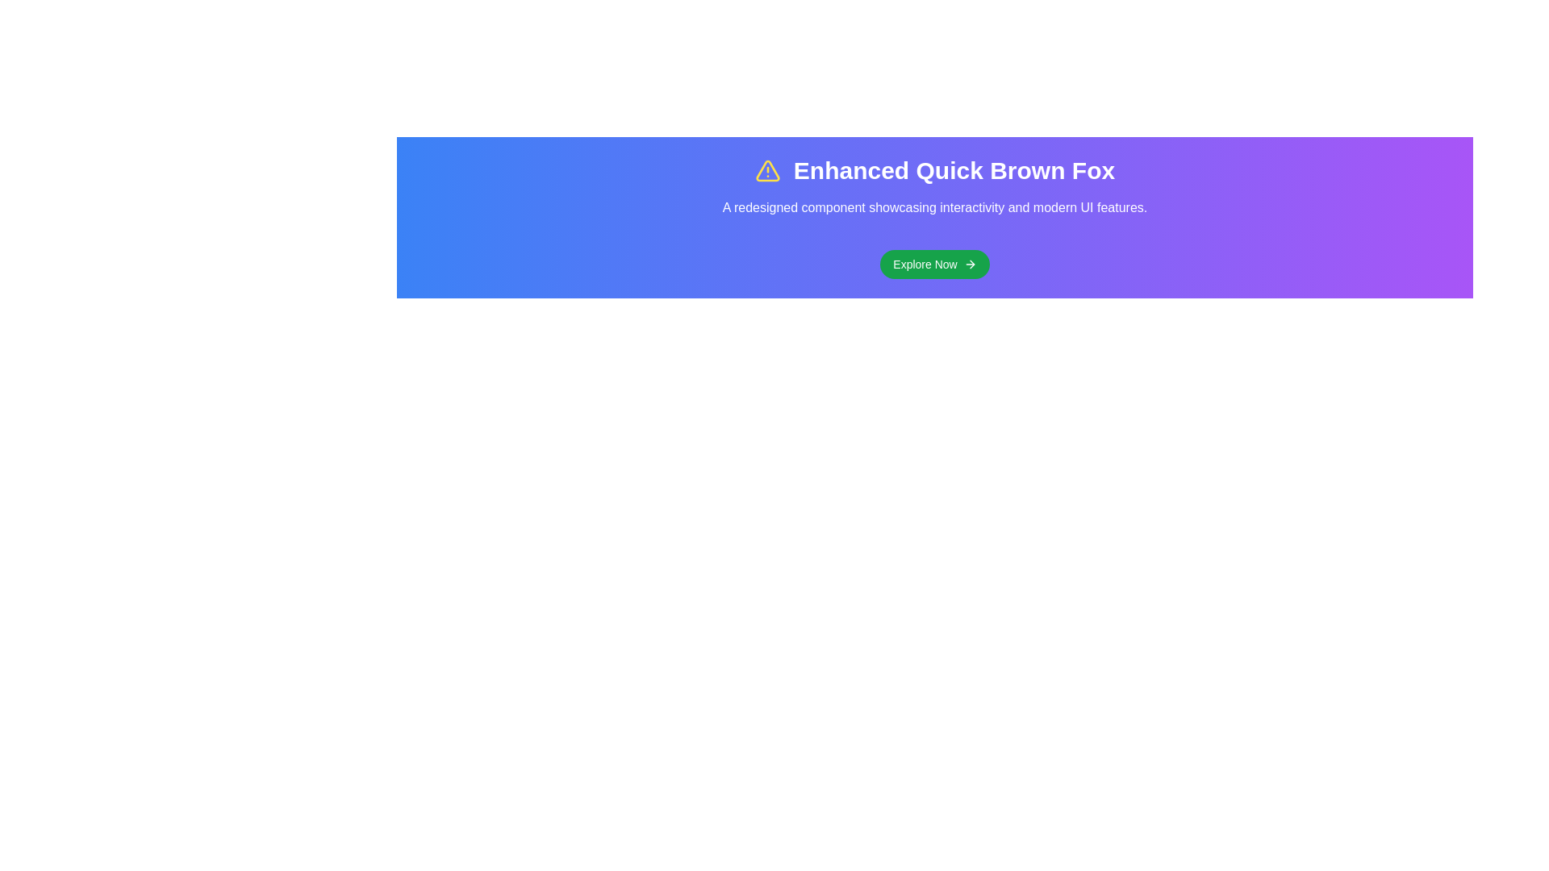  I want to click on the descriptive text label located below the title 'Enhanced Quick Brown Fox' and above the 'Explore Now' button in the main banner section, so click(934, 207).